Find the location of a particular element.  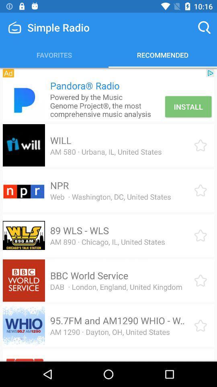

icon below am 1290 dayton icon is located at coordinates (110, 360).